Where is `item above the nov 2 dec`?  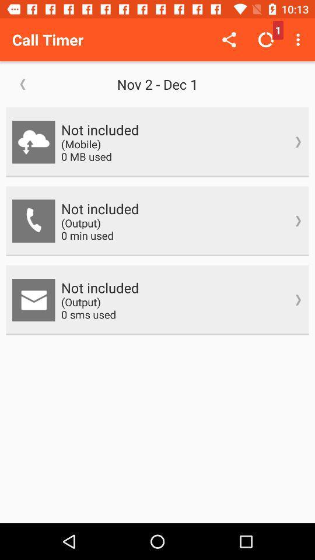 item above the nov 2 dec is located at coordinates (229, 40).